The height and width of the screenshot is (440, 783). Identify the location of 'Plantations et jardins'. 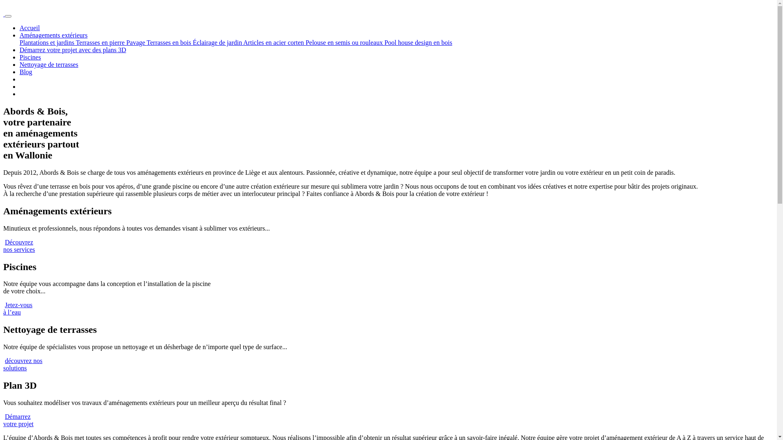
(47, 42).